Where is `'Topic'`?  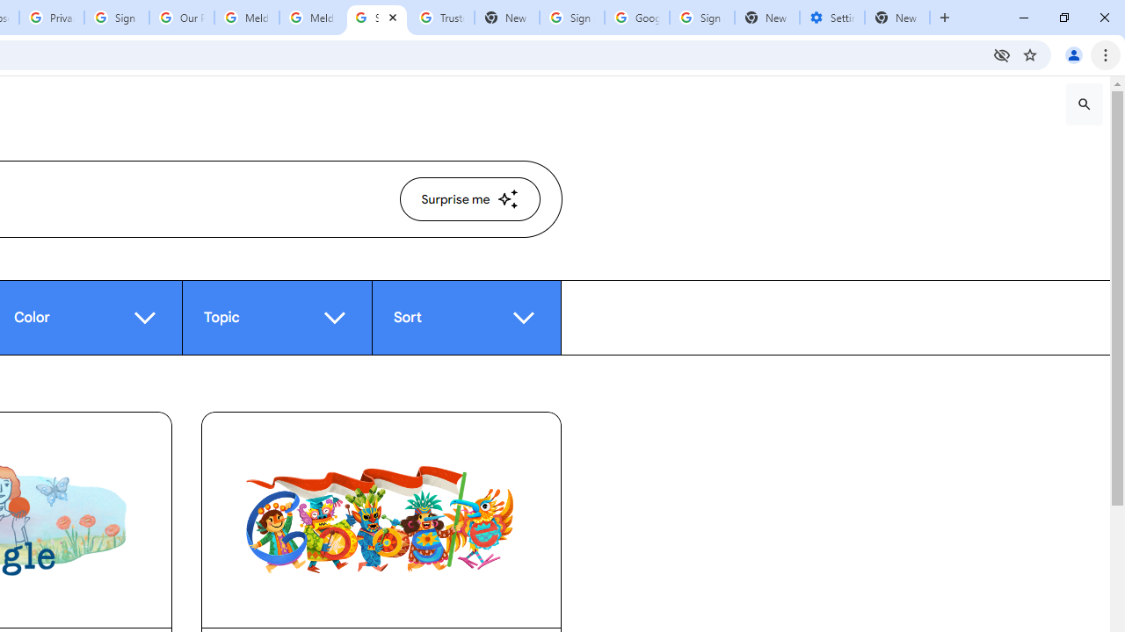 'Topic' is located at coordinates (275, 317).